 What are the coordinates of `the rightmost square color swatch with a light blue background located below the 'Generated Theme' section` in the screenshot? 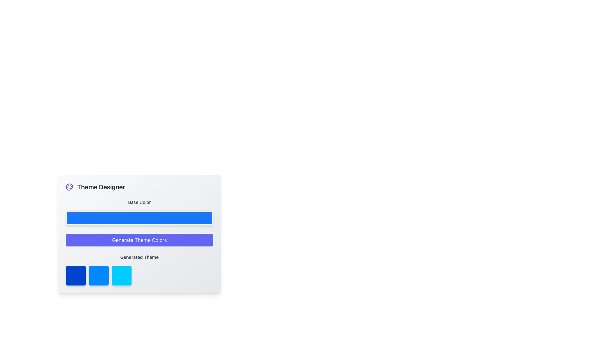 It's located at (122, 275).